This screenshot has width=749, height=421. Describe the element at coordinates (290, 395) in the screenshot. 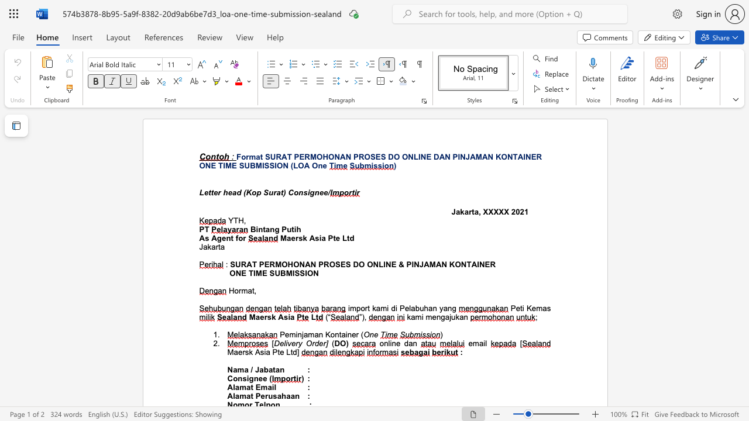

I see `the subset text "an" within the text "Alamat Perusahaan"` at that location.